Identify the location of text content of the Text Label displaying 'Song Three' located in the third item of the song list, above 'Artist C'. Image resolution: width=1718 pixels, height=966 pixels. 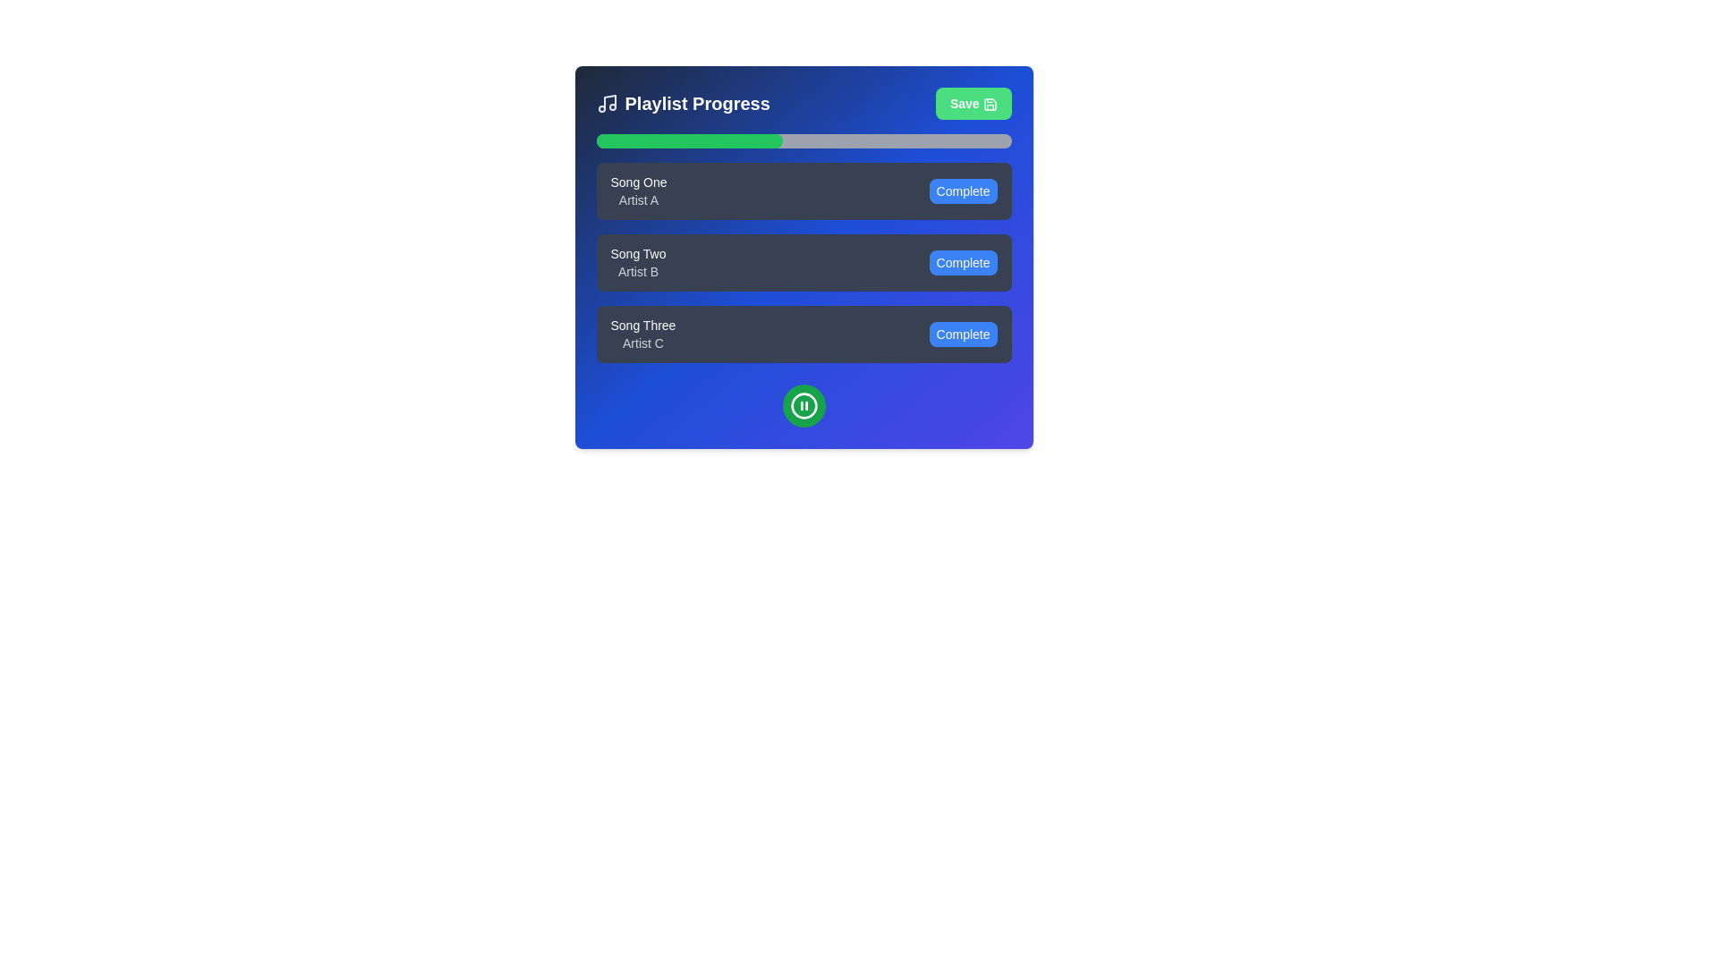
(643, 325).